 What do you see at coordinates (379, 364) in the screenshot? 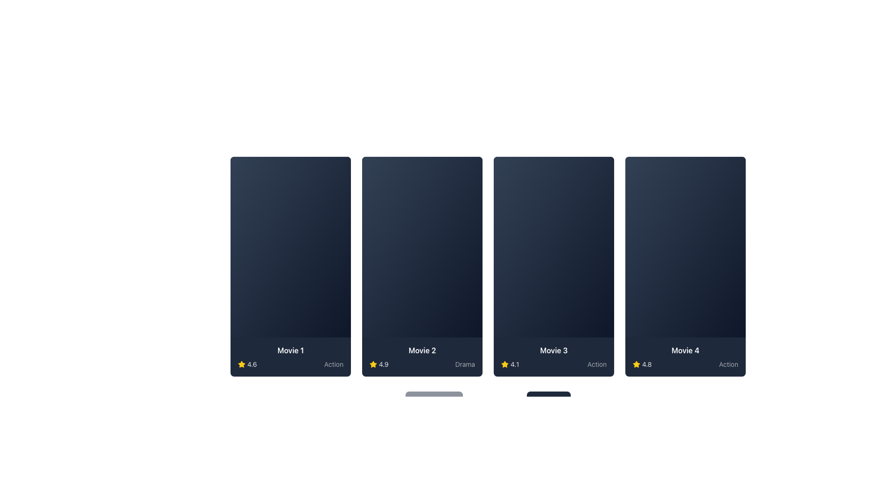
I see `the rating display indicating a score of '4.9' with a star icon, located in the bottom-left of the 'Movie 2' card, beside the 'Drama' text` at bounding box center [379, 364].